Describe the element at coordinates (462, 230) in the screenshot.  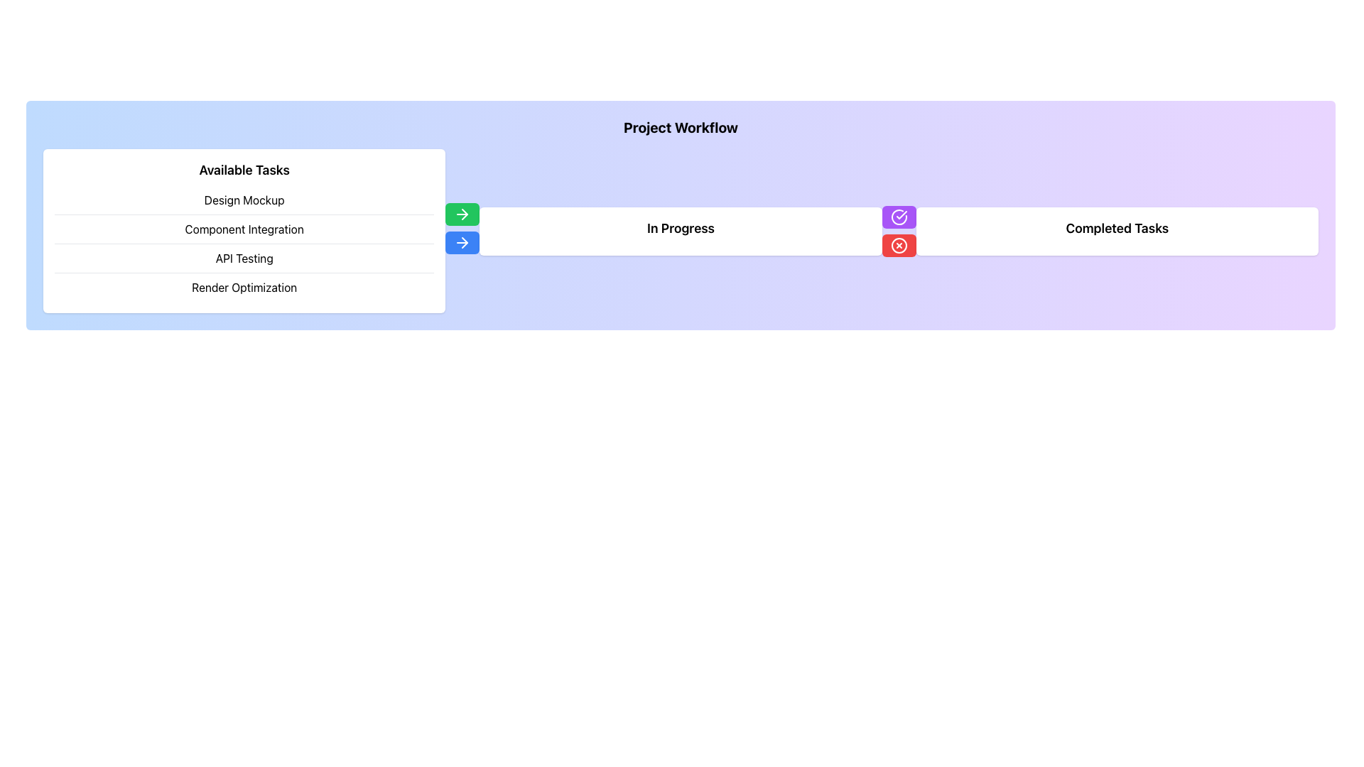
I see `the lower blue button with a white arrow icon in the vertically stacked button group to observe hover effects` at that location.